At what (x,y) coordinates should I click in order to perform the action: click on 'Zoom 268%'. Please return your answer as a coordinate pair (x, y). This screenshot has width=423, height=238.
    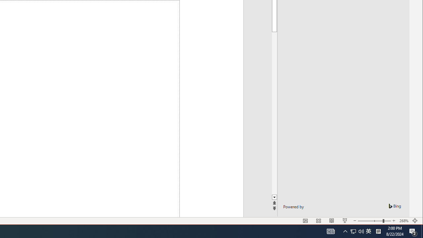
    Looking at the image, I should click on (404, 221).